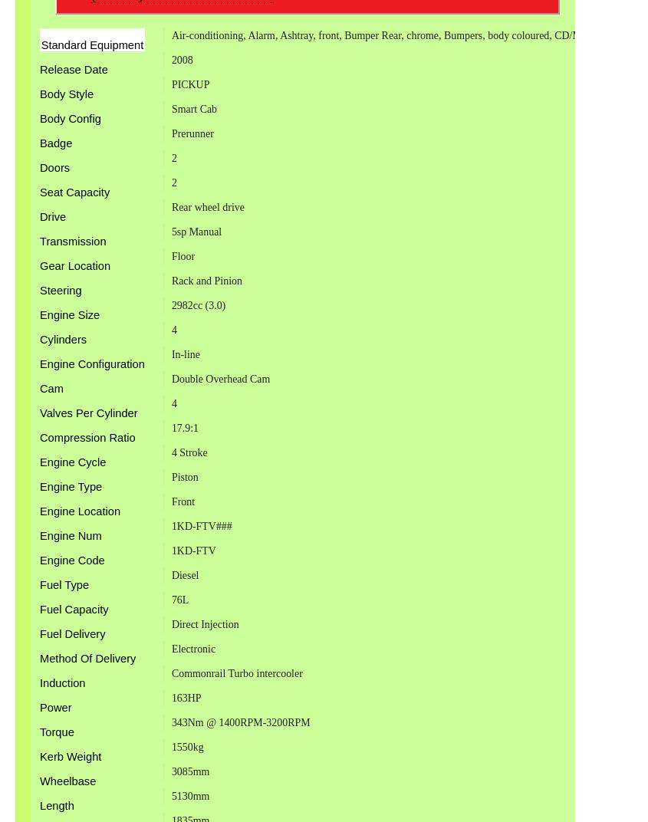 The height and width of the screenshot is (822, 648). What do you see at coordinates (169, 133) in the screenshot?
I see `'Prerunner'` at bounding box center [169, 133].